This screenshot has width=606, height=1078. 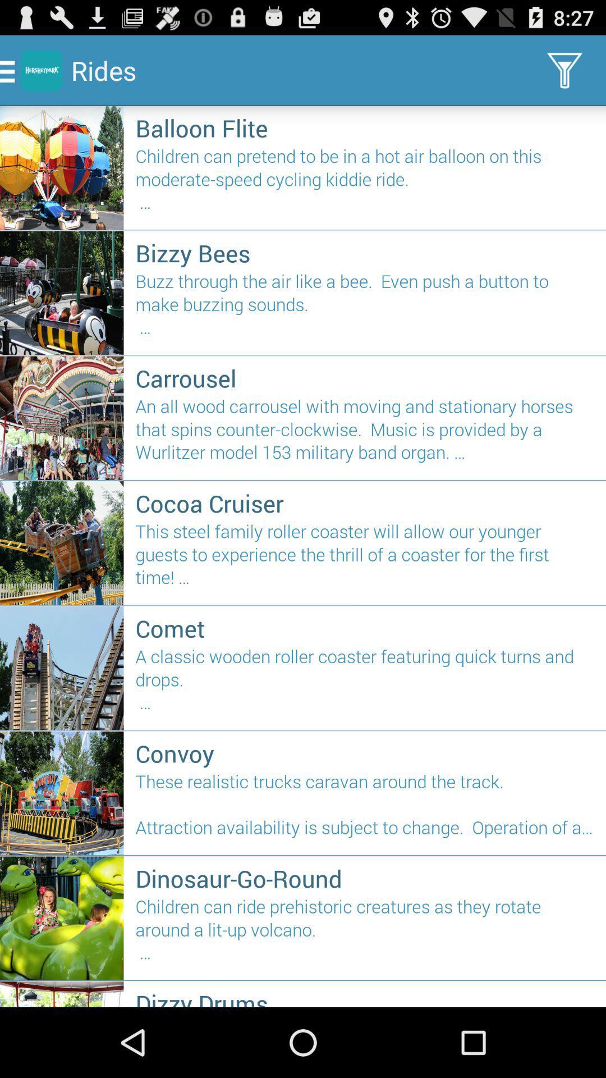 I want to click on the convoy icon, so click(x=365, y=753).